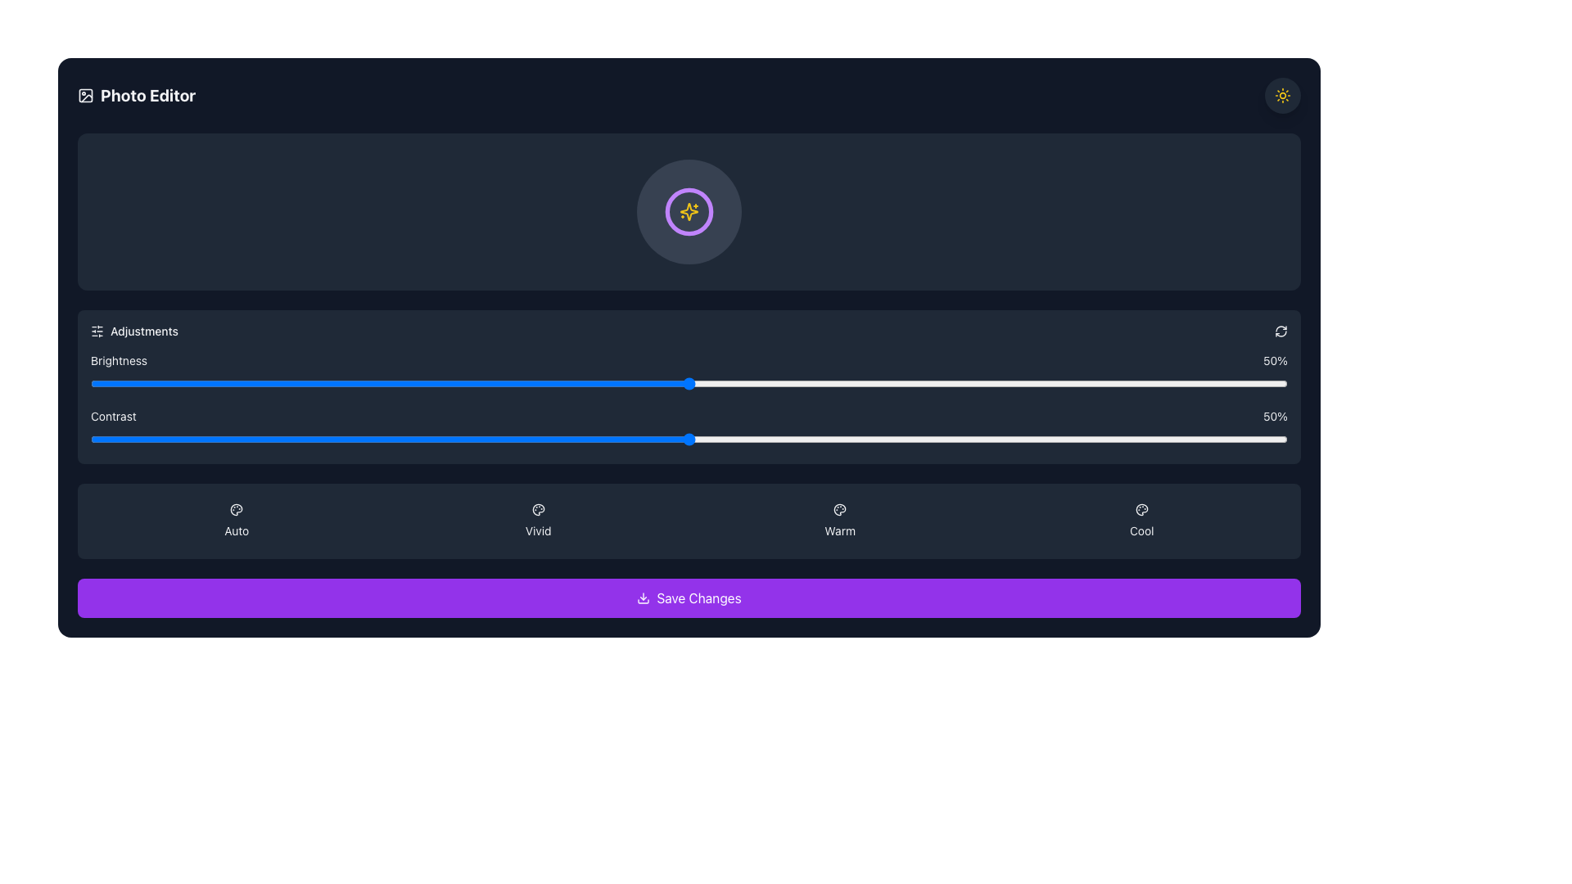  Describe the element at coordinates (1036, 384) in the screenshot. I see `brightness` at that location.